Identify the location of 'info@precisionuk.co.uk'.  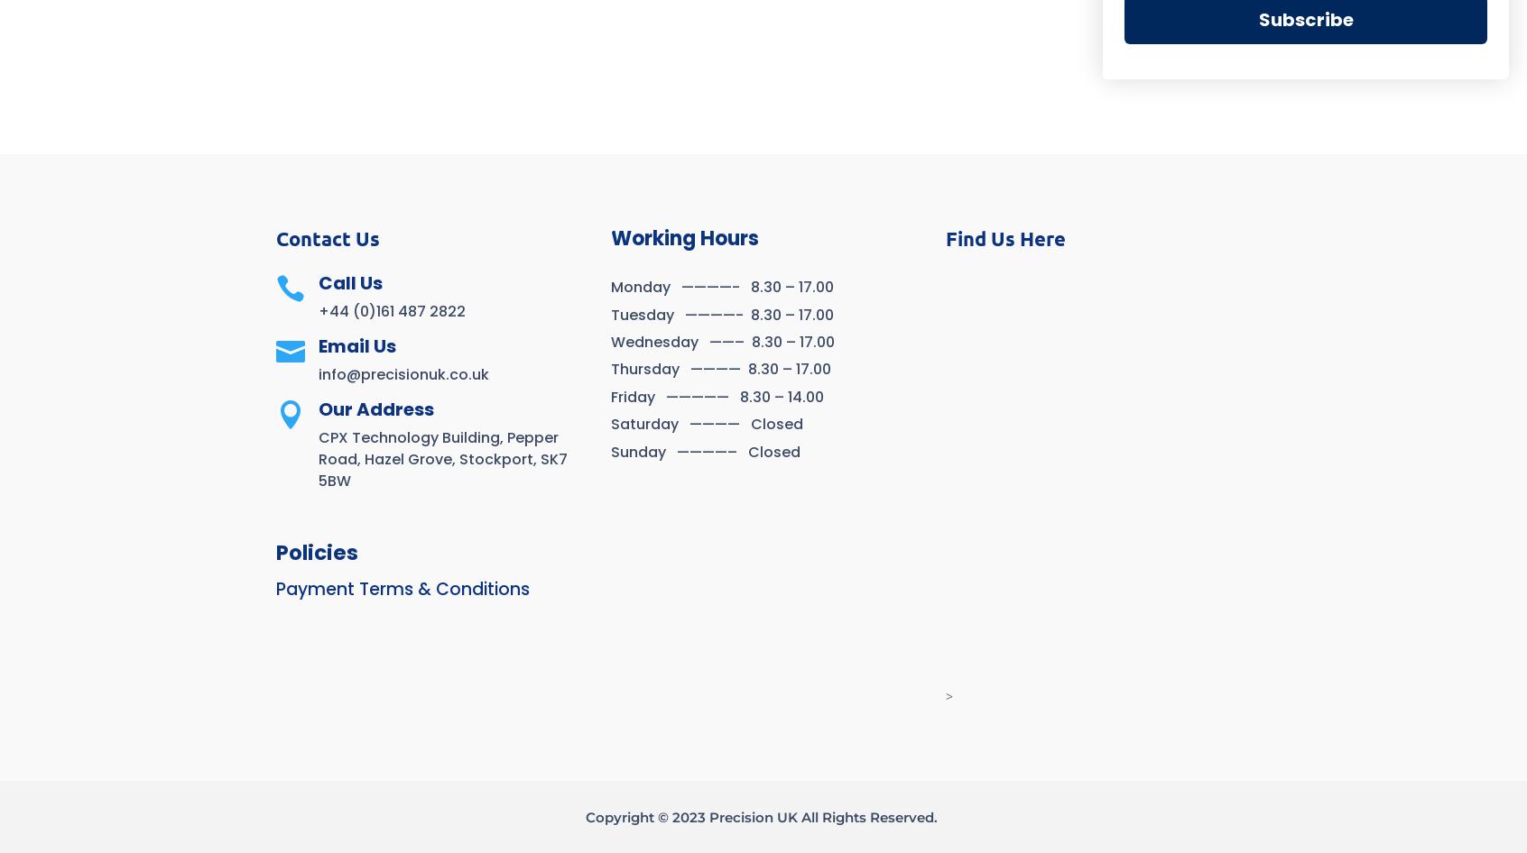
(403, 373).